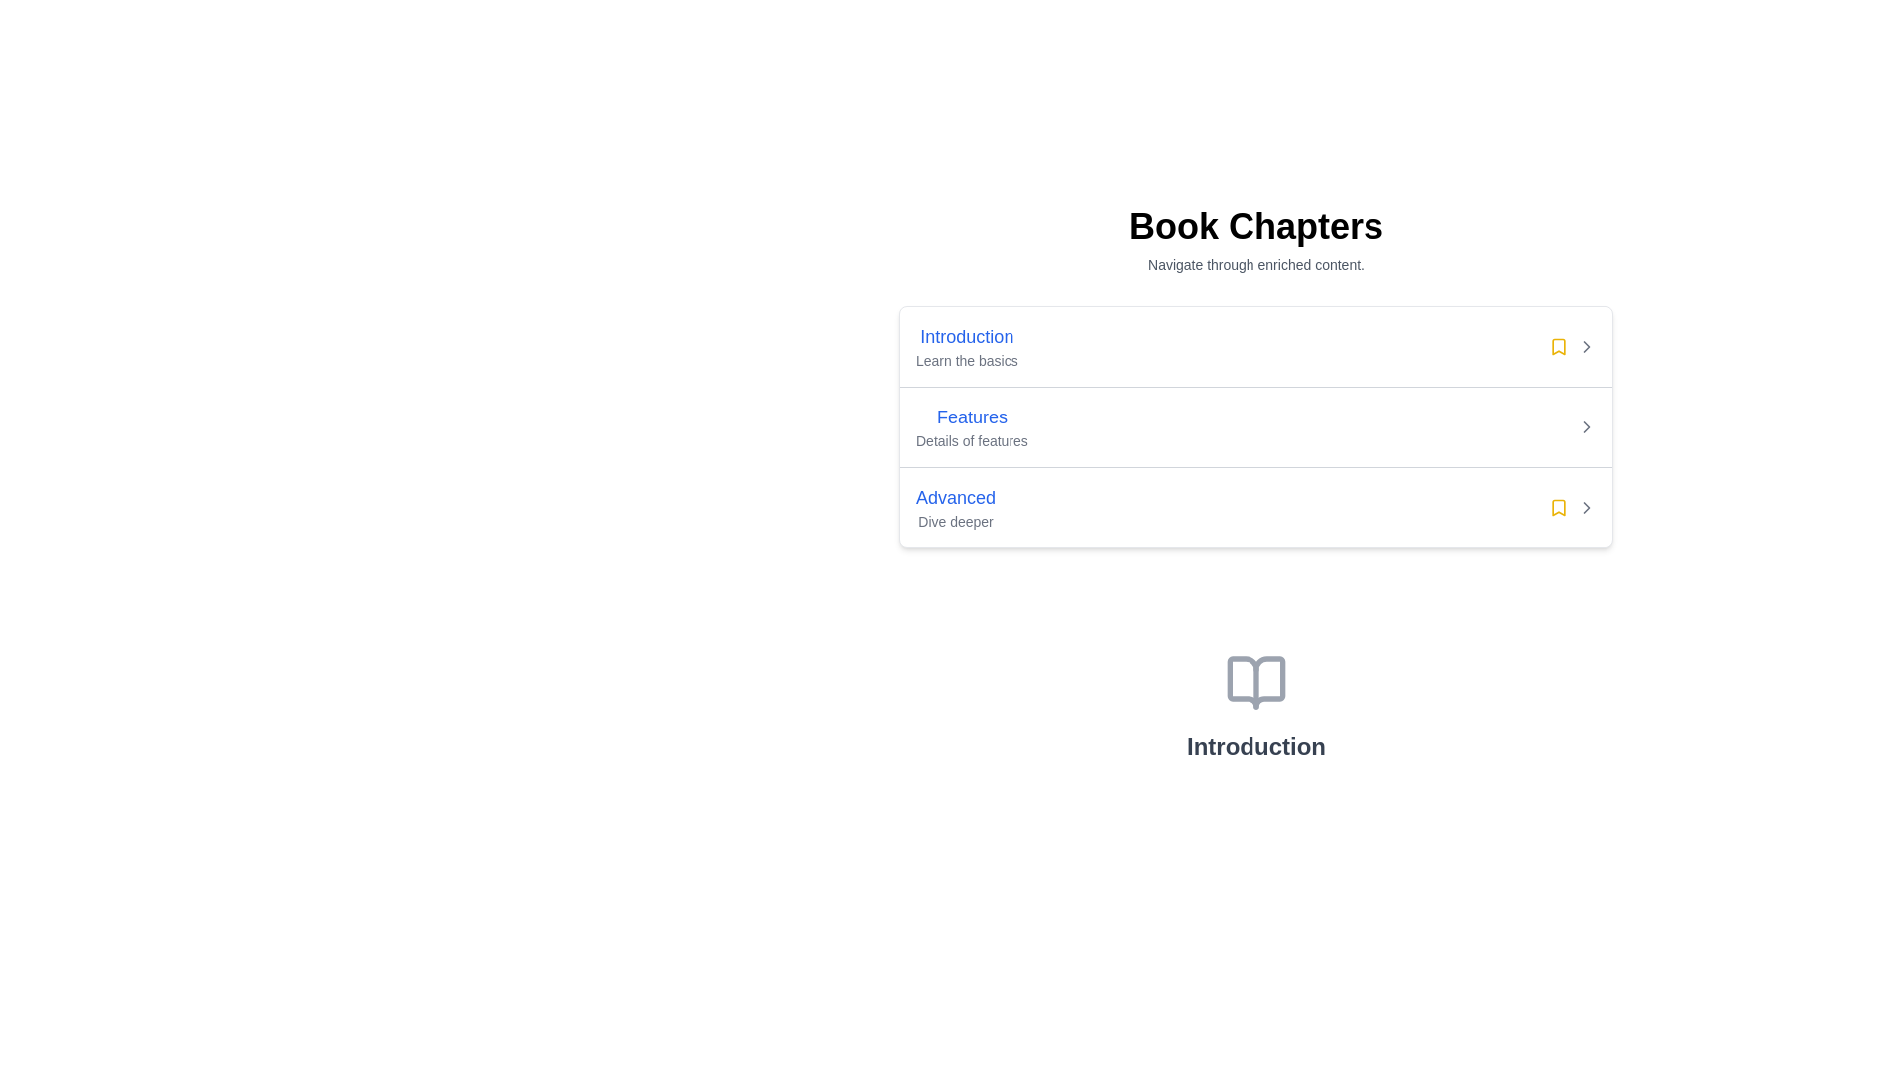 This screenshot has width=1904, height=1071. I want to click on the interactive text link labeled 'Introduction', so click(967, 346).